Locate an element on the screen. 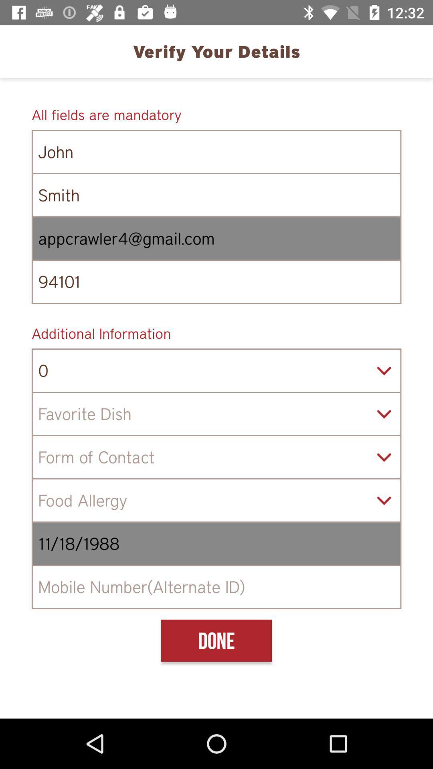 The height and width of the screenshot is (769, 433). favorite dish is located at coordinates (216, 414).